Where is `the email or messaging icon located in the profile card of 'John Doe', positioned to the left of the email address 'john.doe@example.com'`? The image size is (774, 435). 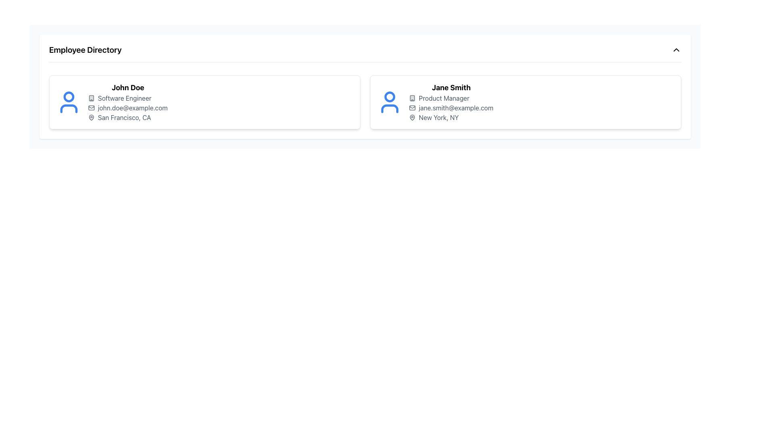
the email or messaging icon located in the profile card of 'John Doe', positioned to the left of the email address 'john.doe@example.com' is located at coordinates (91, 107).